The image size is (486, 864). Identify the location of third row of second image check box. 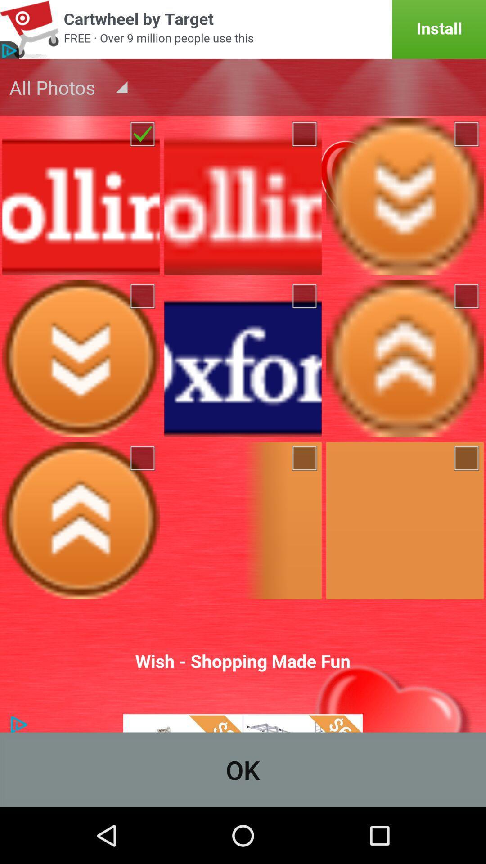
(305, 458).